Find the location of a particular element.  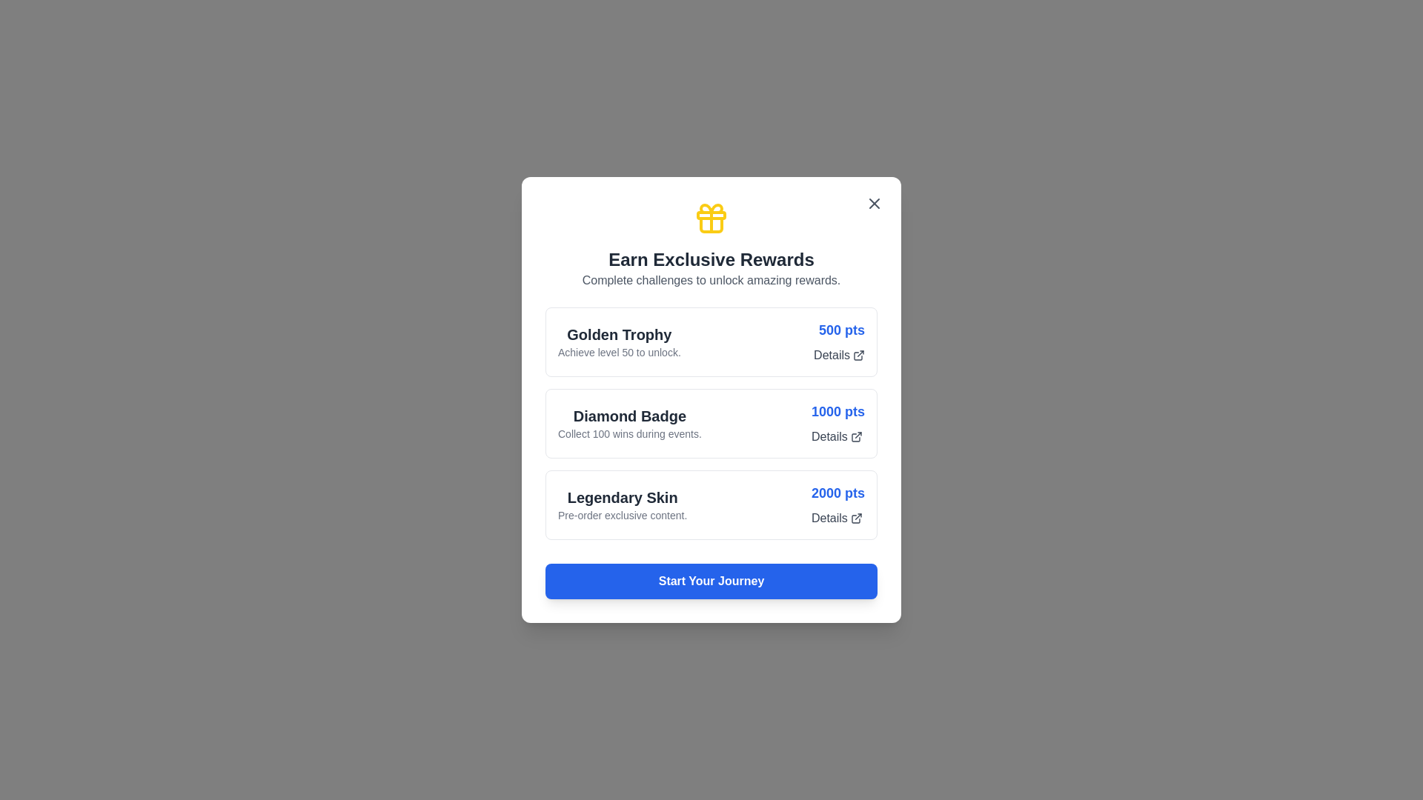

the decorative external link icon located in the bottom-right of the 'Details' text in the 'Diamond Badge' entry is located at coordinates (855, 436).